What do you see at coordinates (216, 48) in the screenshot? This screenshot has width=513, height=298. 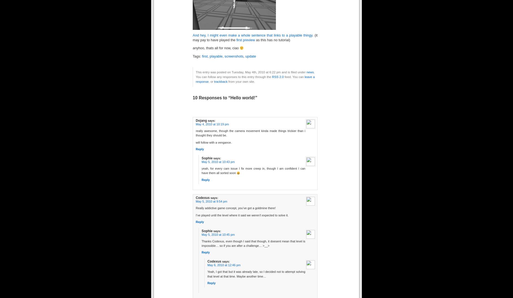 I see `'anyhoo, thats all for now, ciao'` at bounding box center [216, 48].